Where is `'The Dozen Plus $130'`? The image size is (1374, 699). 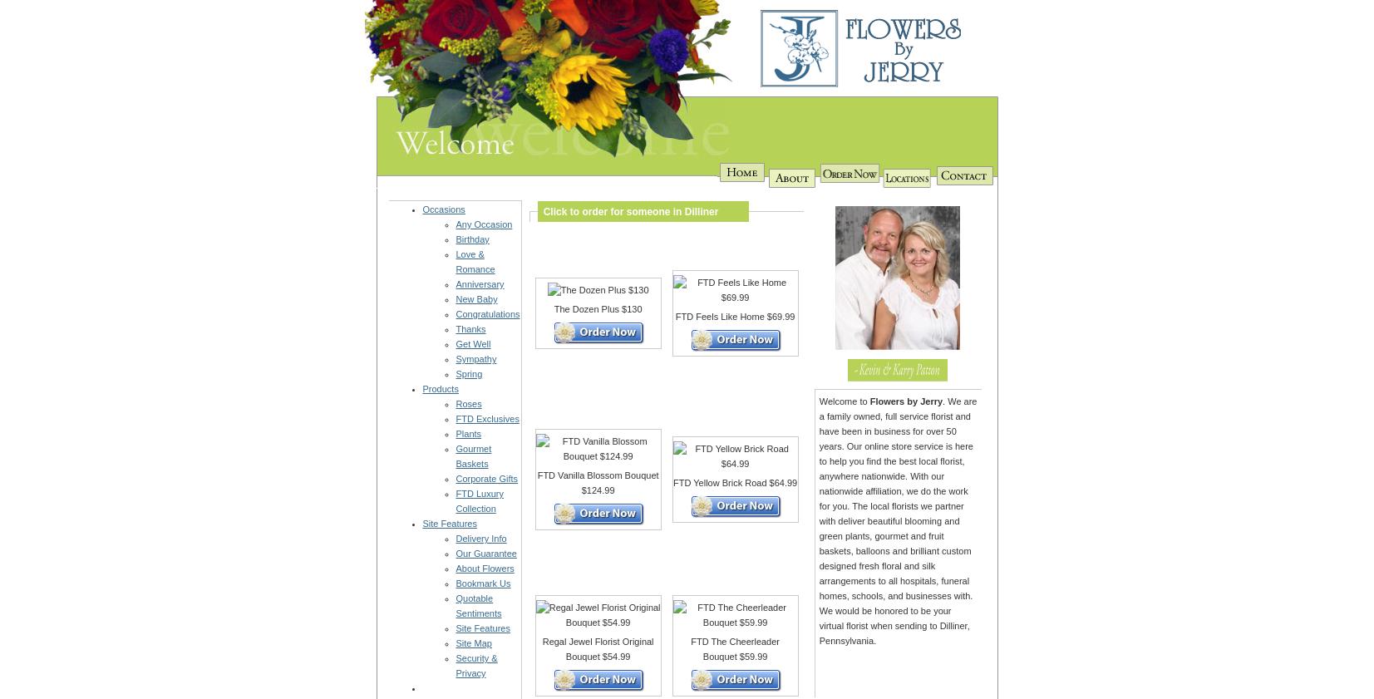 'The Dozen Plus $130' is located at coordinates (597, 308).